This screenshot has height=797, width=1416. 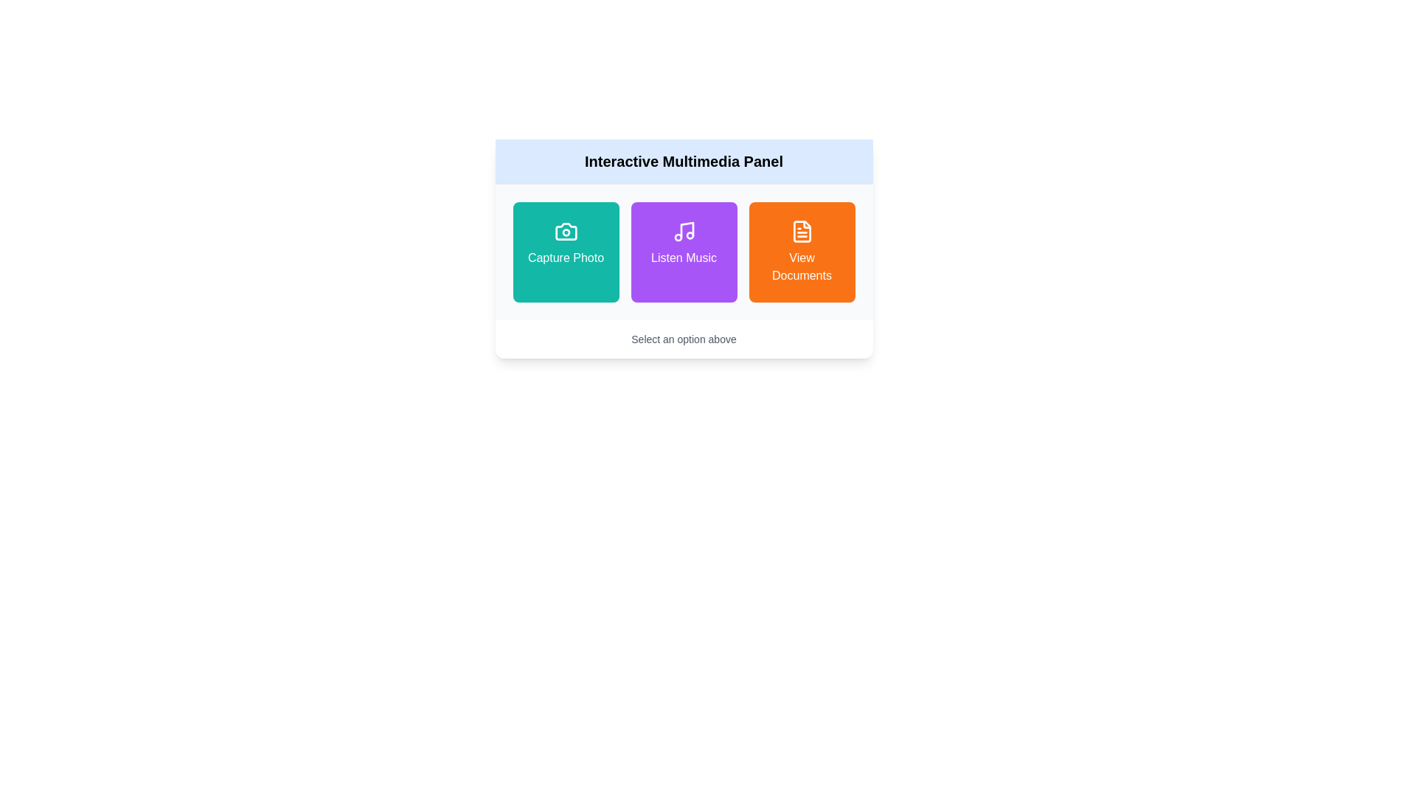 I want to click on the purple 'Listen Music' button located centrally within the multimedia selection panel, so click(x=683, y=248).